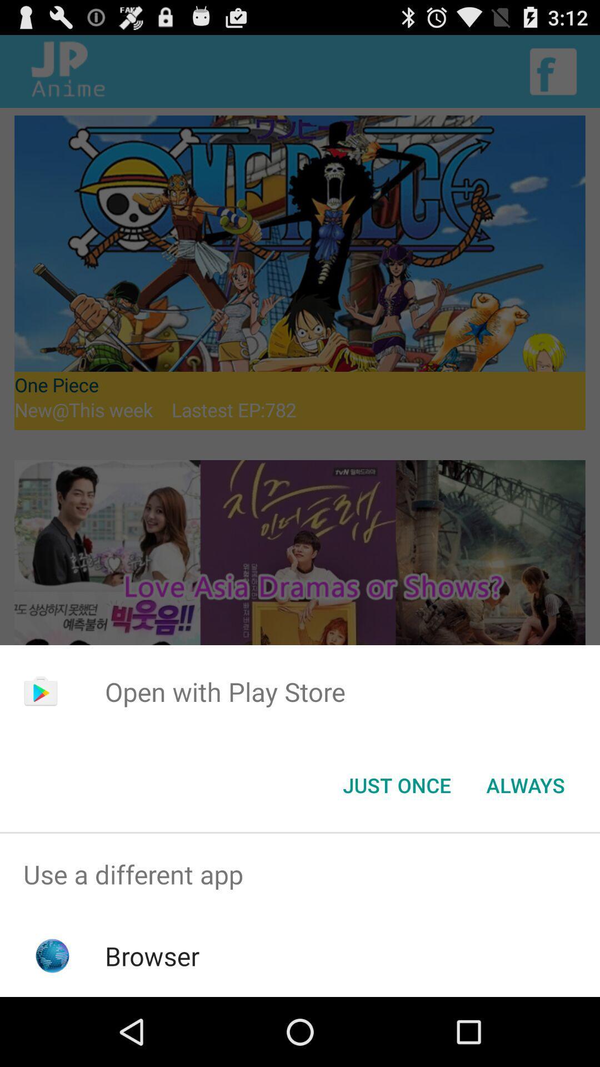  Describe the element at coordinates (525, 784) in the screenshot. I see `button to the right of the just once icon` at that location.